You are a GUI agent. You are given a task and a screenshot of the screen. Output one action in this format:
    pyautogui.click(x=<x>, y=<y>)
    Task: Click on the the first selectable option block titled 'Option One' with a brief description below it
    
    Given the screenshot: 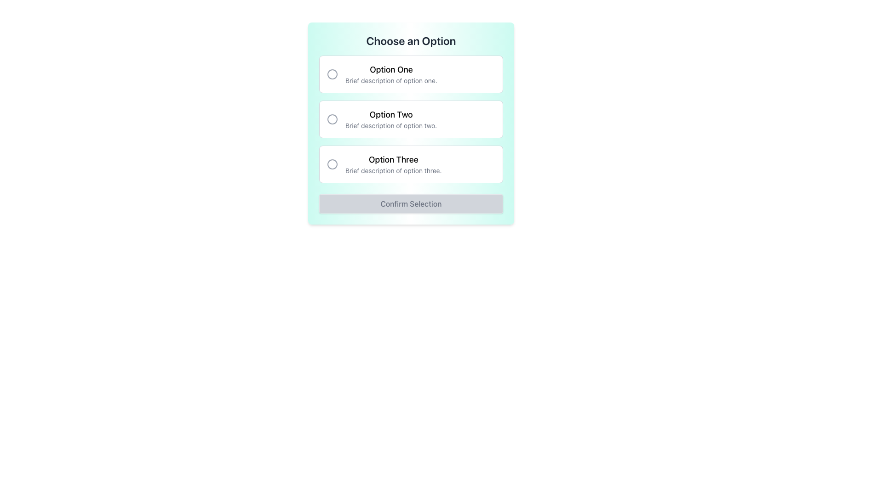 What is the action you would take?
    pyautogui.click(x=410, y=74)
    